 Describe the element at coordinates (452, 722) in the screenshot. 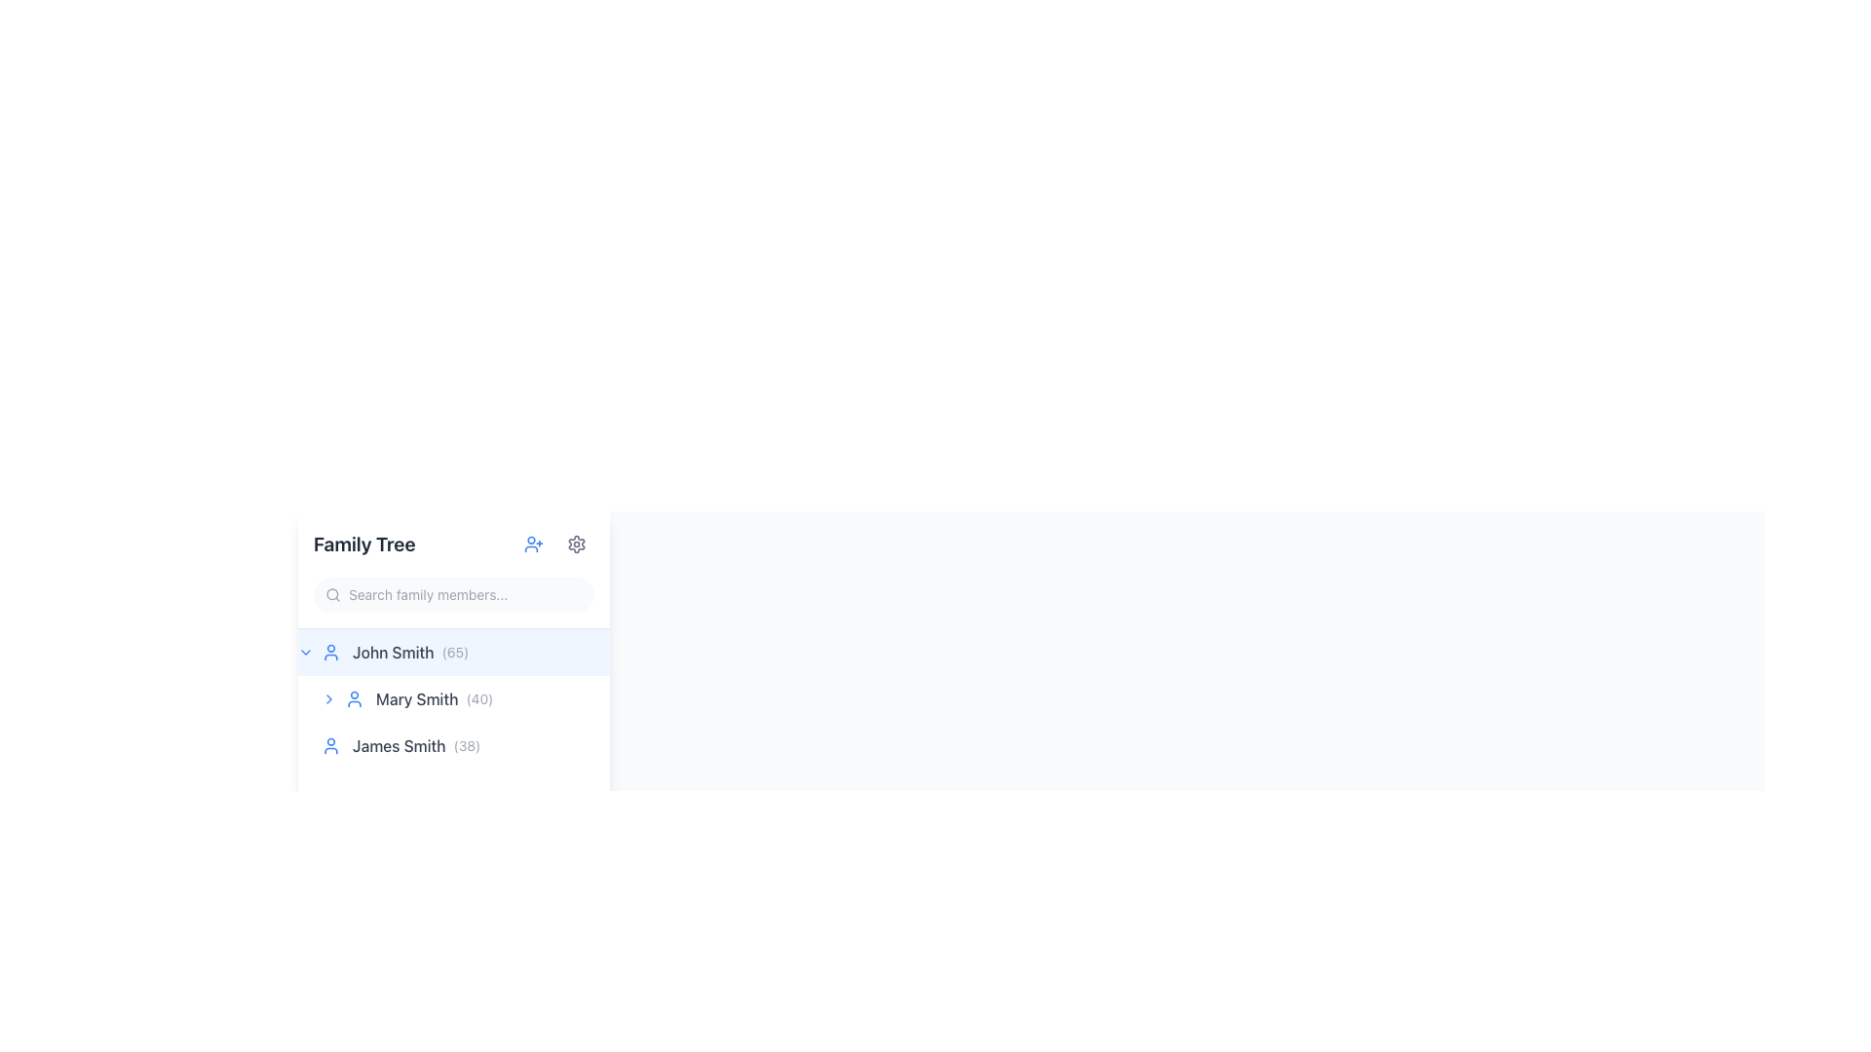

I see `the List Item Group element displaying names and ages, specifically the second item under 'John Smith (65)' in the 'Family Tree' section` at that location.